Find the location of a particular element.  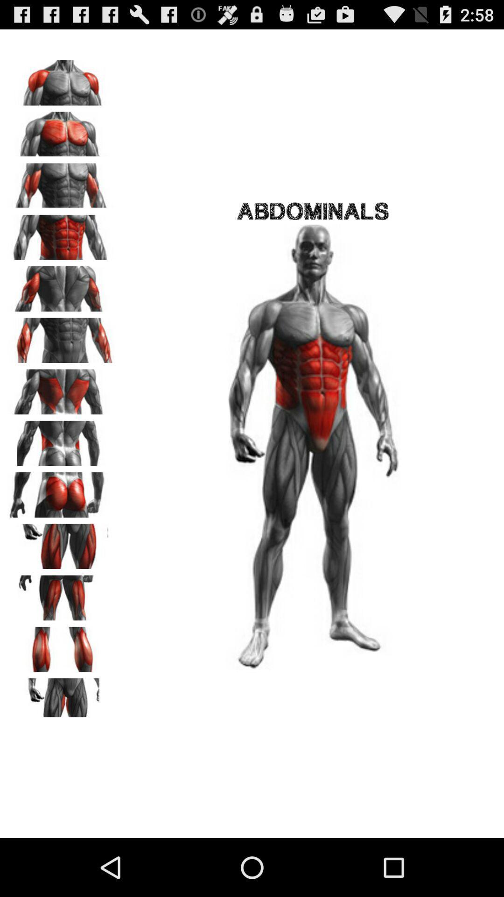

image button is located at coordinates (61, 79).